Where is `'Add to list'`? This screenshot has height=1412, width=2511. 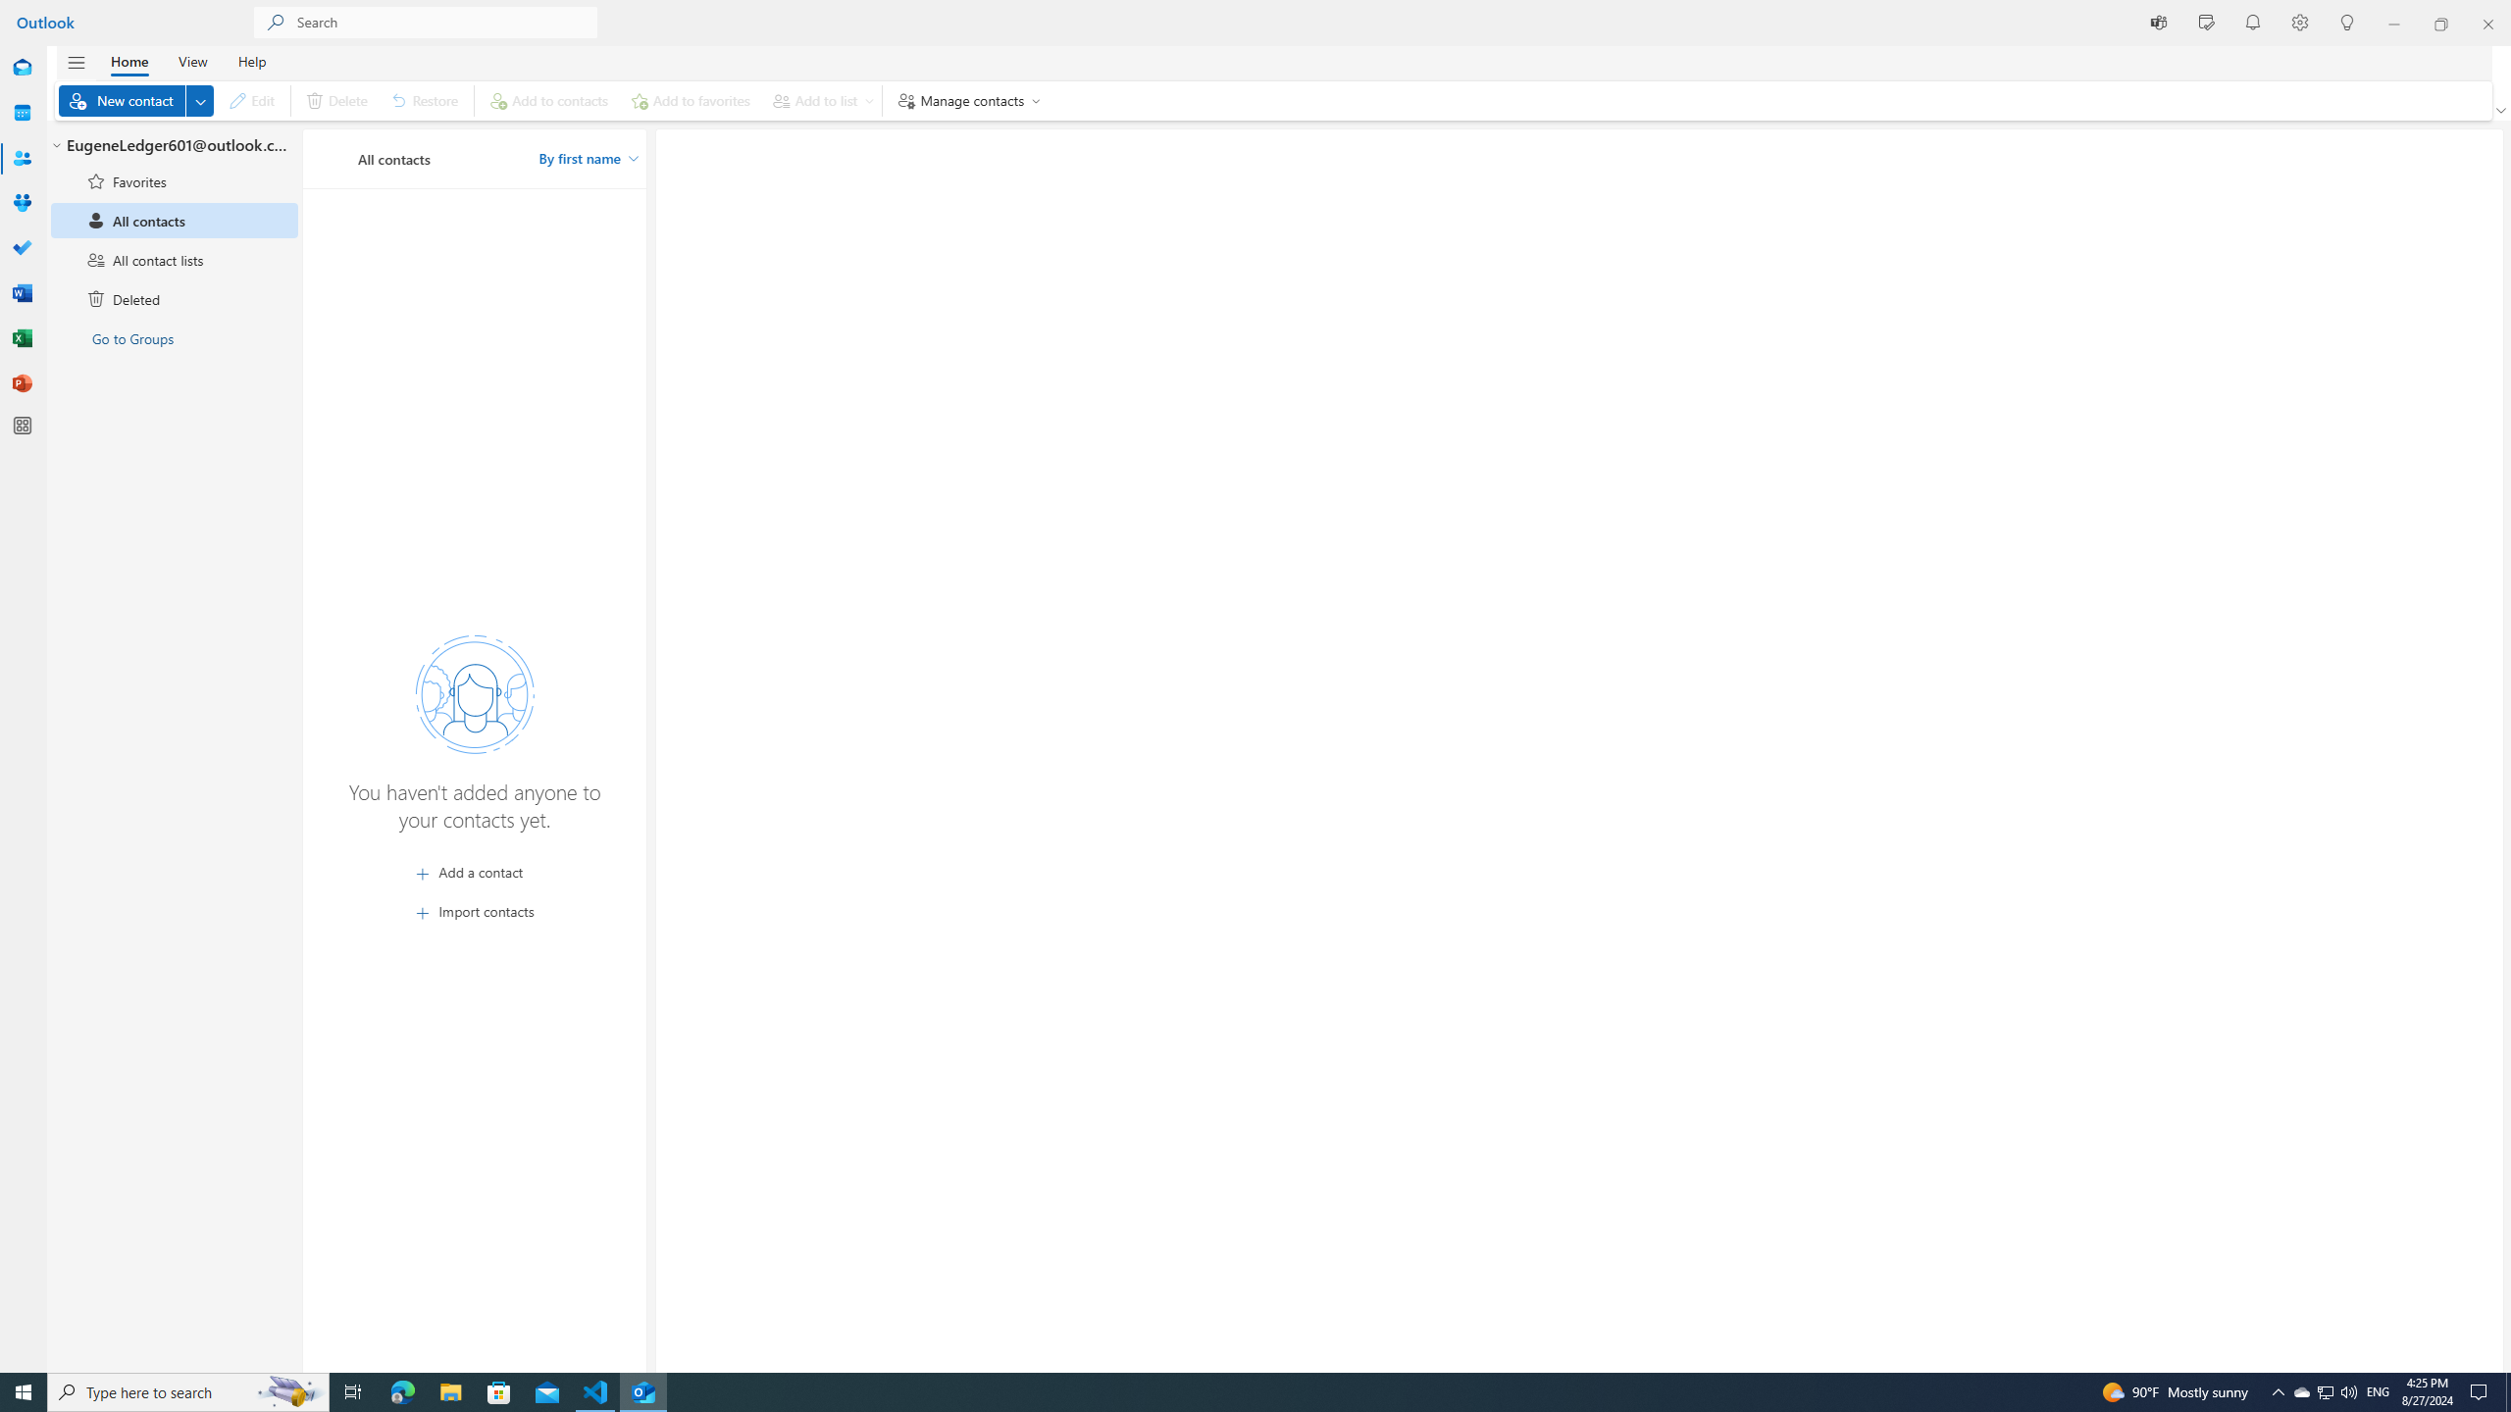 'Add to list' is located at coordinates (819, 100).